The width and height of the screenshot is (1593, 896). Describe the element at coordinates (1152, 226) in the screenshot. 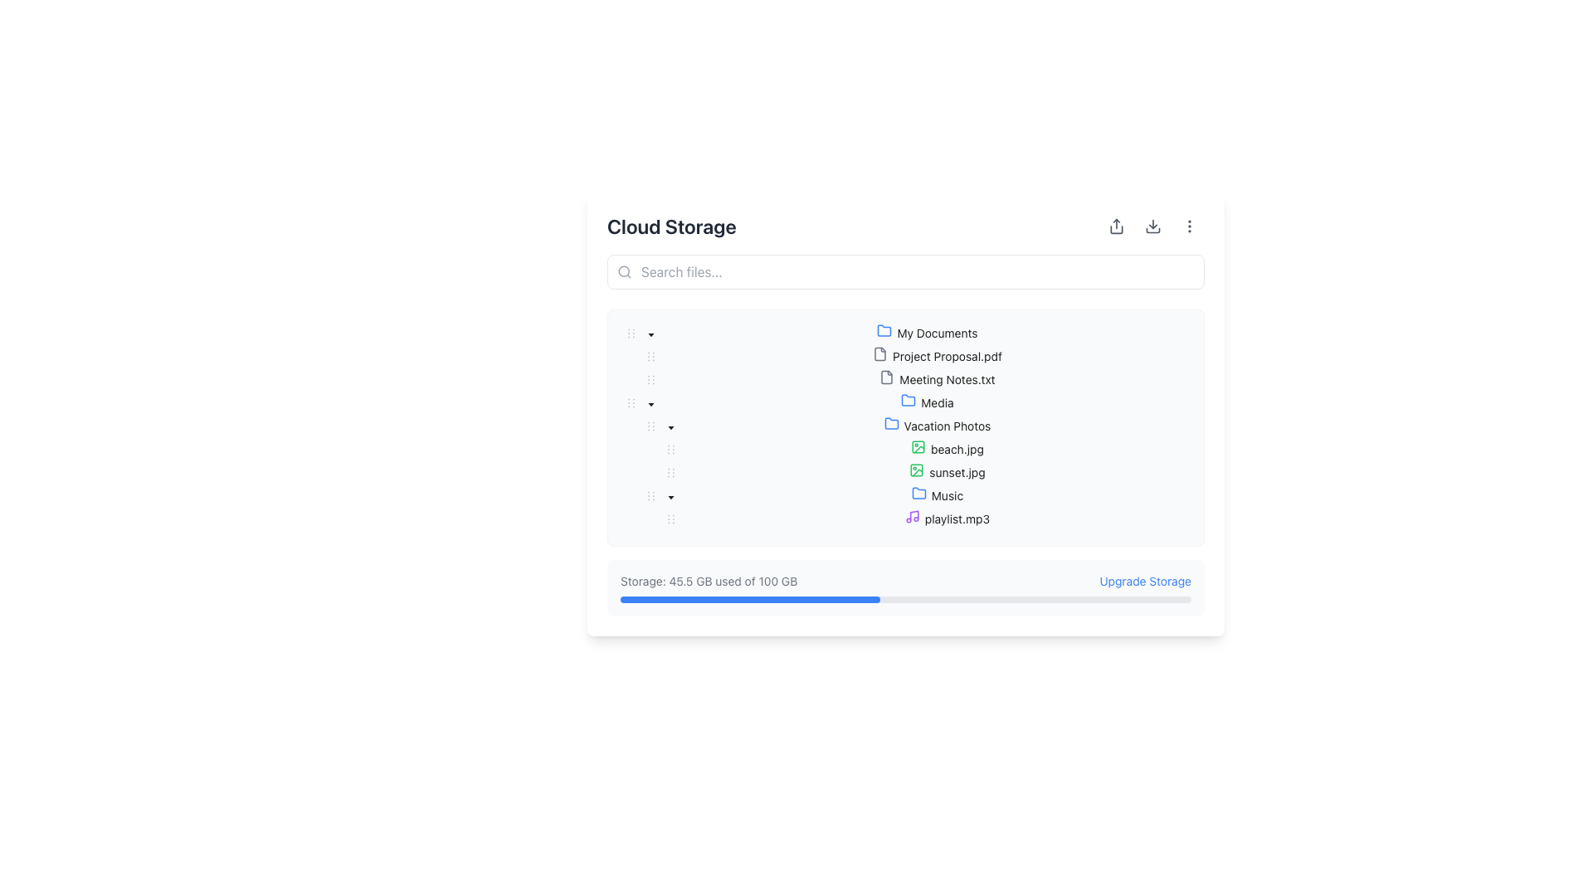

I see `the download icon located in the upper right corner of the application interface to initiate the download action` at that location.